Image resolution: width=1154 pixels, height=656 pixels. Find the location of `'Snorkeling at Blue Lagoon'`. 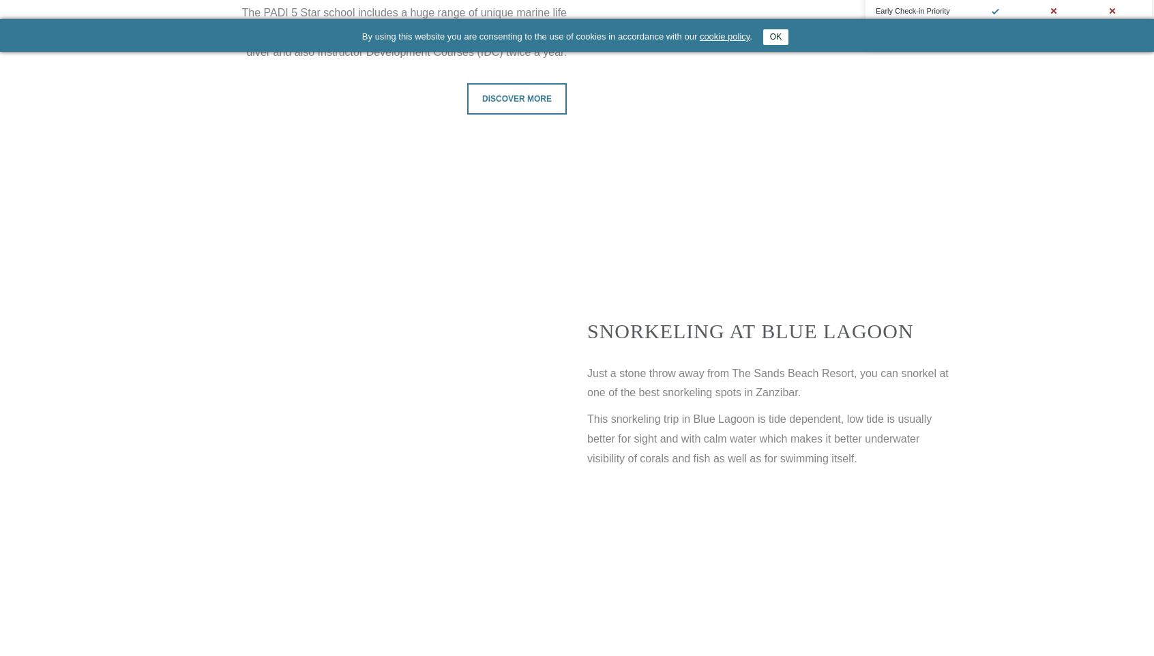

'Snorkeling at Blue Lagoon' is located at coordinates (750, 329).